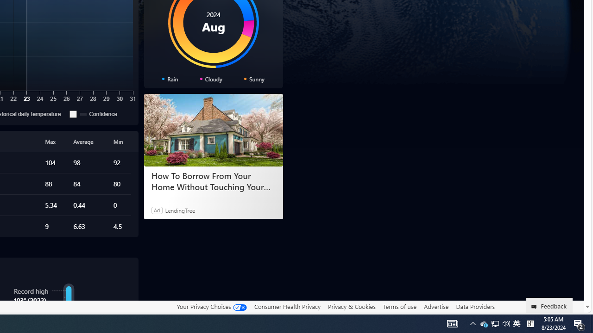 The width and height of the screenshot is (593, 333). What do you see at coordinates (475, 307) in the screenshot?
I see `'Data Providers'` at bounding box center [475, 307].